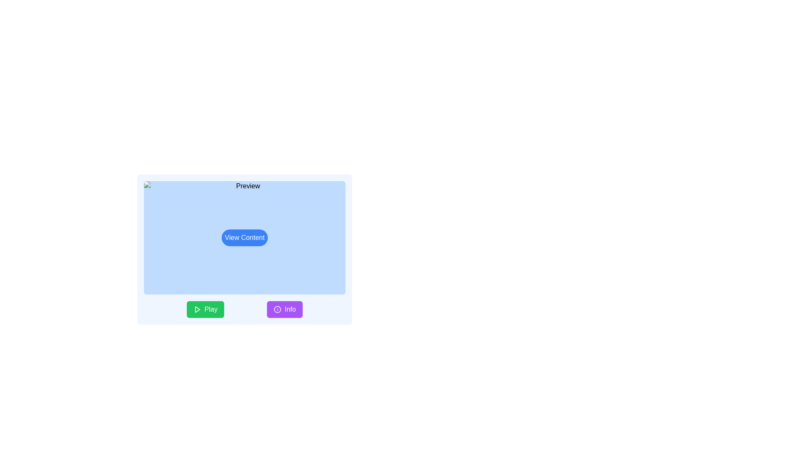  I want to click on the 'View Content' button, which is a rounded rectangle with a blue background and centered text, so click(244, 238).